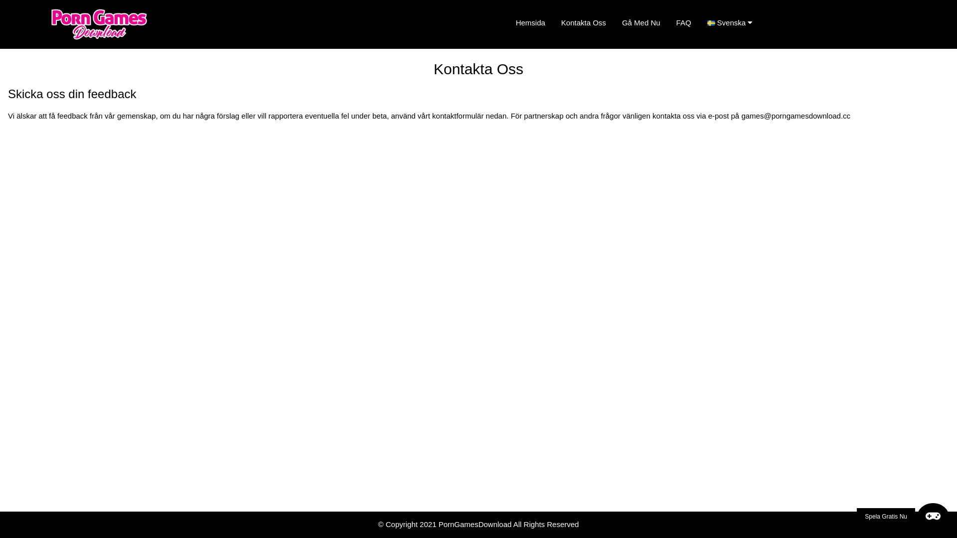 The image size is (957, 538). What do you see at coordinates (552, 22) in the screenshot?
I see `'Kontakta Oss'` at bounding box center [552, 22].